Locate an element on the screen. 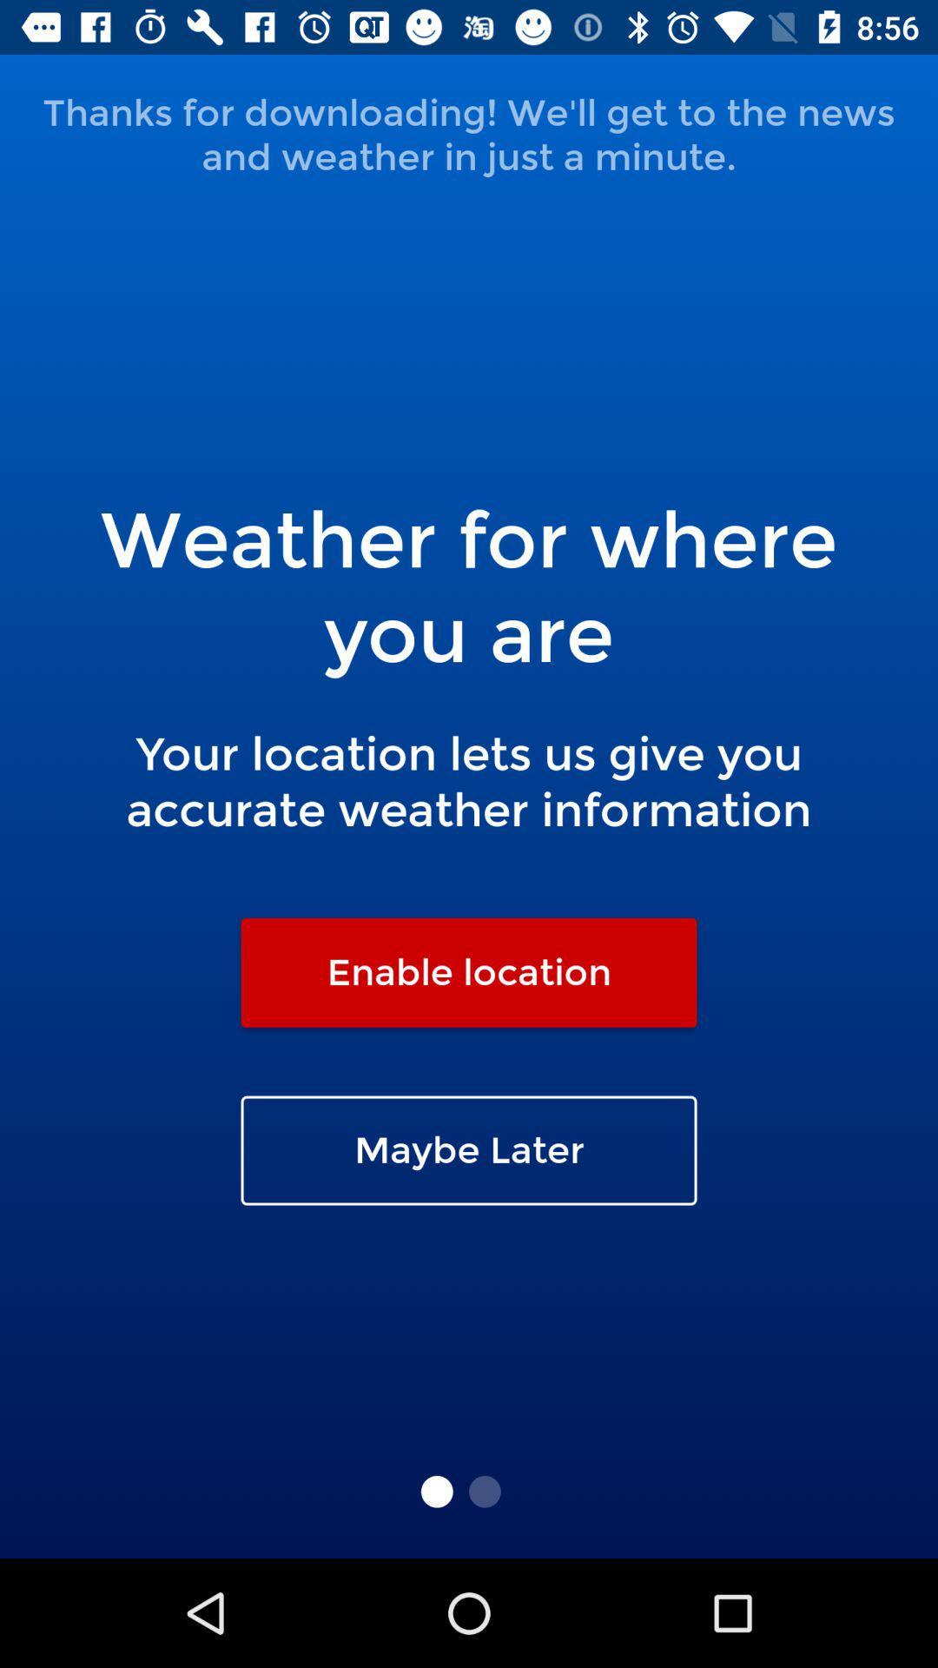 This screenshot has height=1668, width=938. item above the maybe later item is located at coordinates (469, 971).